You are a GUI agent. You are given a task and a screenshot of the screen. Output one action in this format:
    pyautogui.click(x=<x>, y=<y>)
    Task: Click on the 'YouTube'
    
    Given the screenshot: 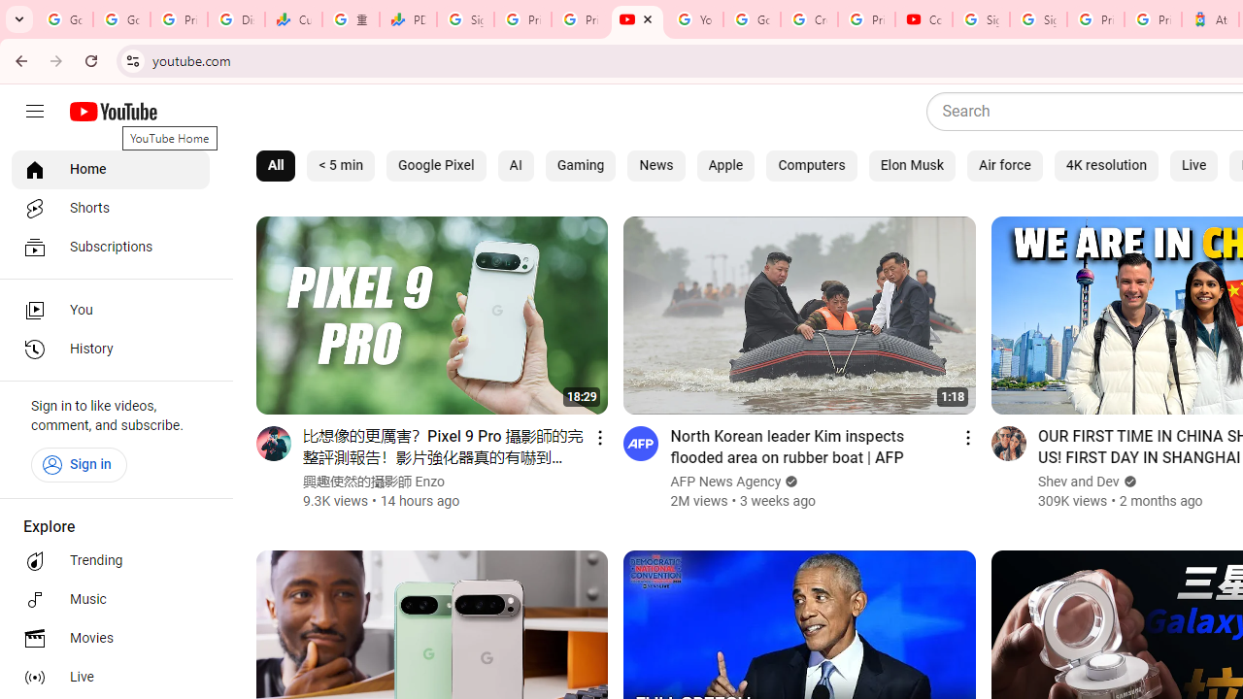 What is the action you would take?
    pyautogui.click(x=637, y=19)
    